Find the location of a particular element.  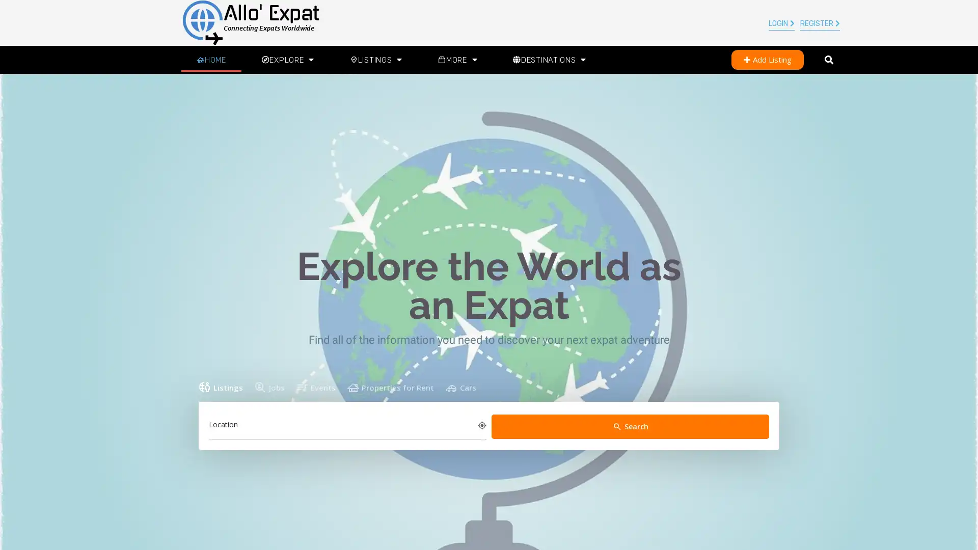

Add Listing is located at coordinates (767, 60).